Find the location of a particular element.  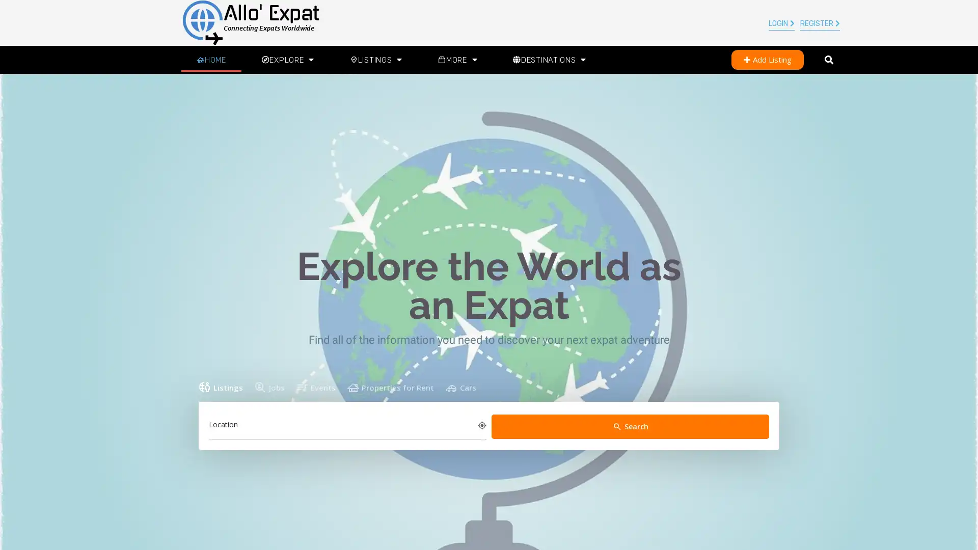

Add Listing is located at coordinates (767, 60).